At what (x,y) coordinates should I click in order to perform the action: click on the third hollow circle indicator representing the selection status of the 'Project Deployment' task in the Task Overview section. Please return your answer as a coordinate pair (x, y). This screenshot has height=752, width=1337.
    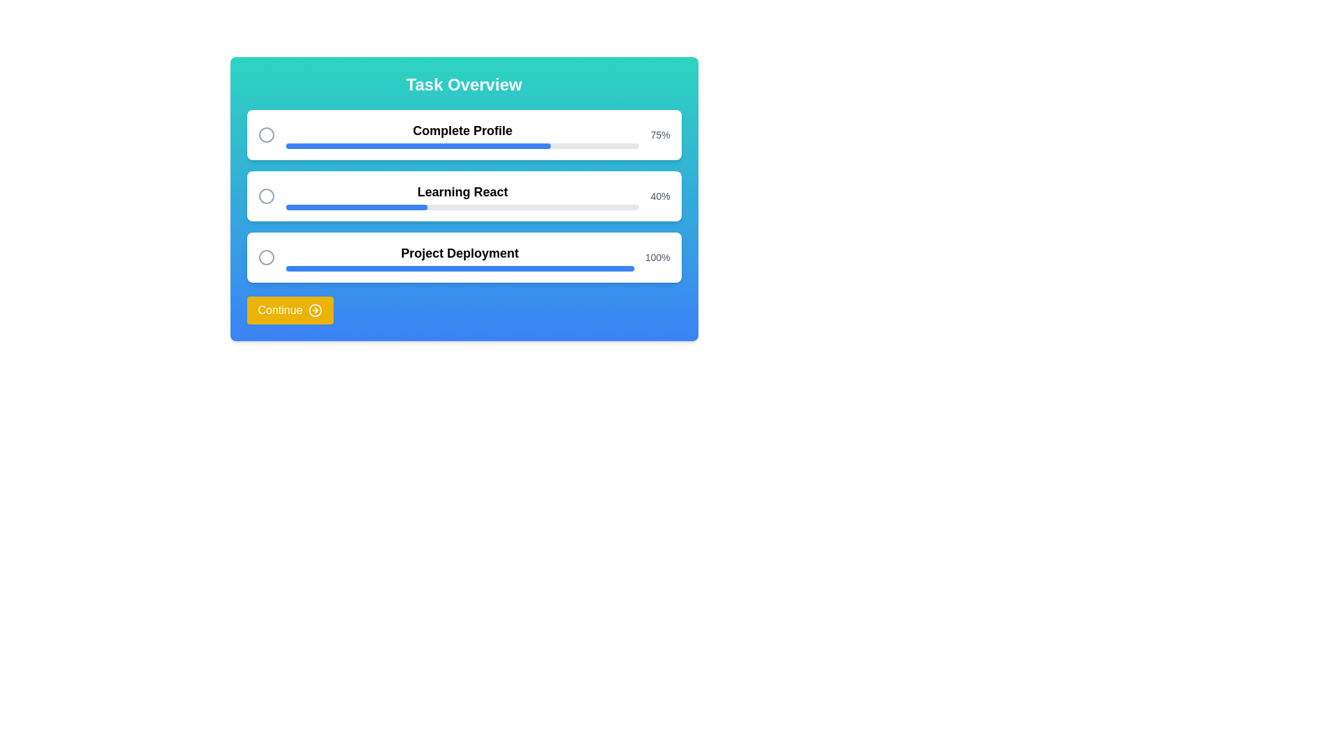
    Looking at the image, I should click on (266, 258).